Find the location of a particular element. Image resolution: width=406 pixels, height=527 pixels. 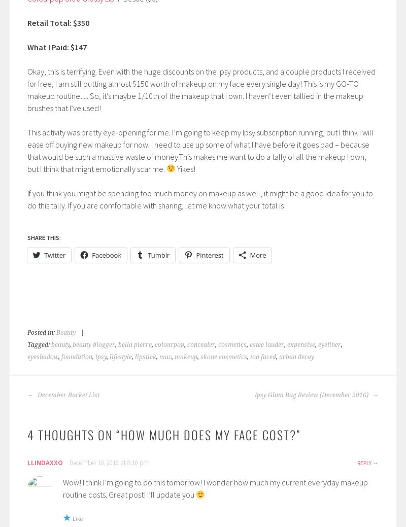

'beauty' is located at coordinates (59, 344).